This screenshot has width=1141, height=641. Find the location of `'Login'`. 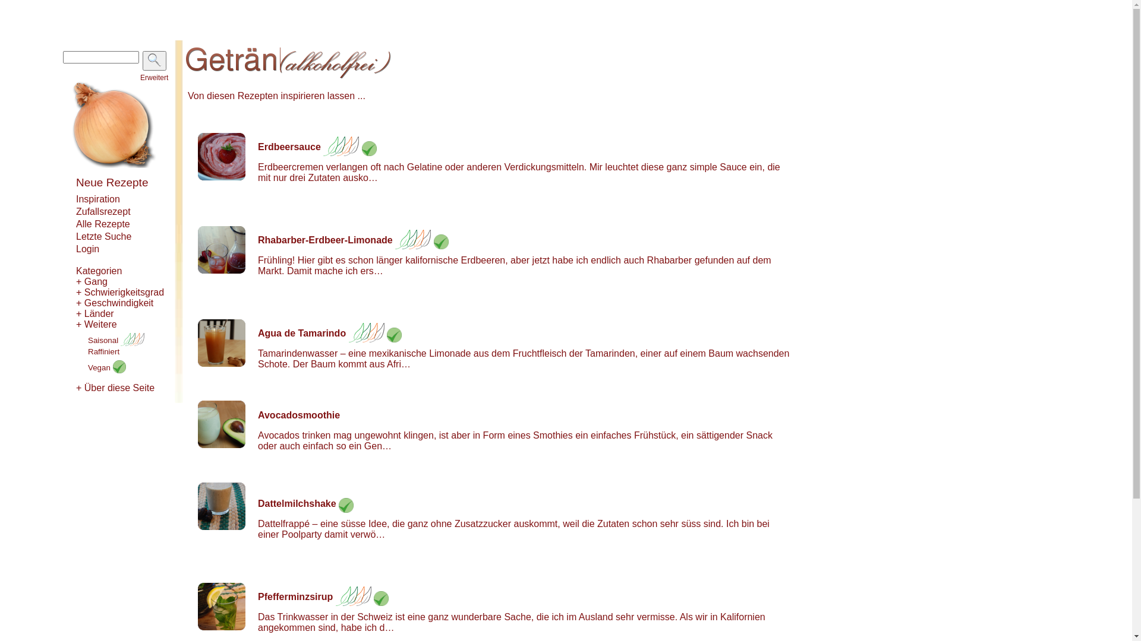

'Login' is located at coordinates (87, 248).